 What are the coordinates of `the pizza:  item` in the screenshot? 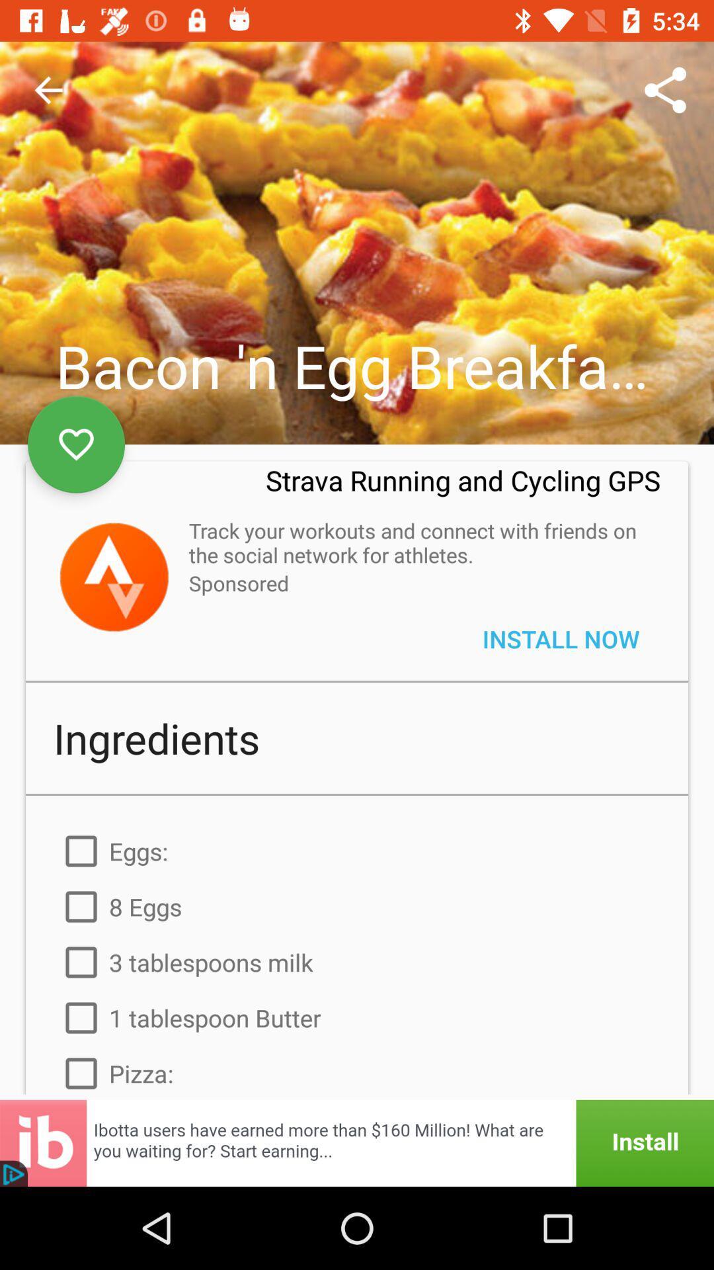 It's located at (357, 1070).